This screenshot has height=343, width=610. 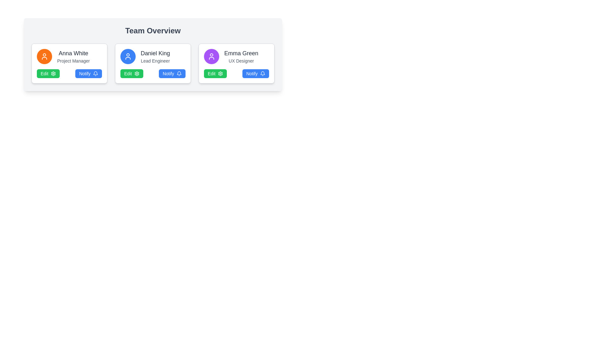 What do you see at coordinates (48, 73) in the screenshot?
I see `the green 'Edit' button with rounded corners and a settings icon, located within the card labeled 'Anna White', to trigger the hover effect` at bounding box center [48, 73].